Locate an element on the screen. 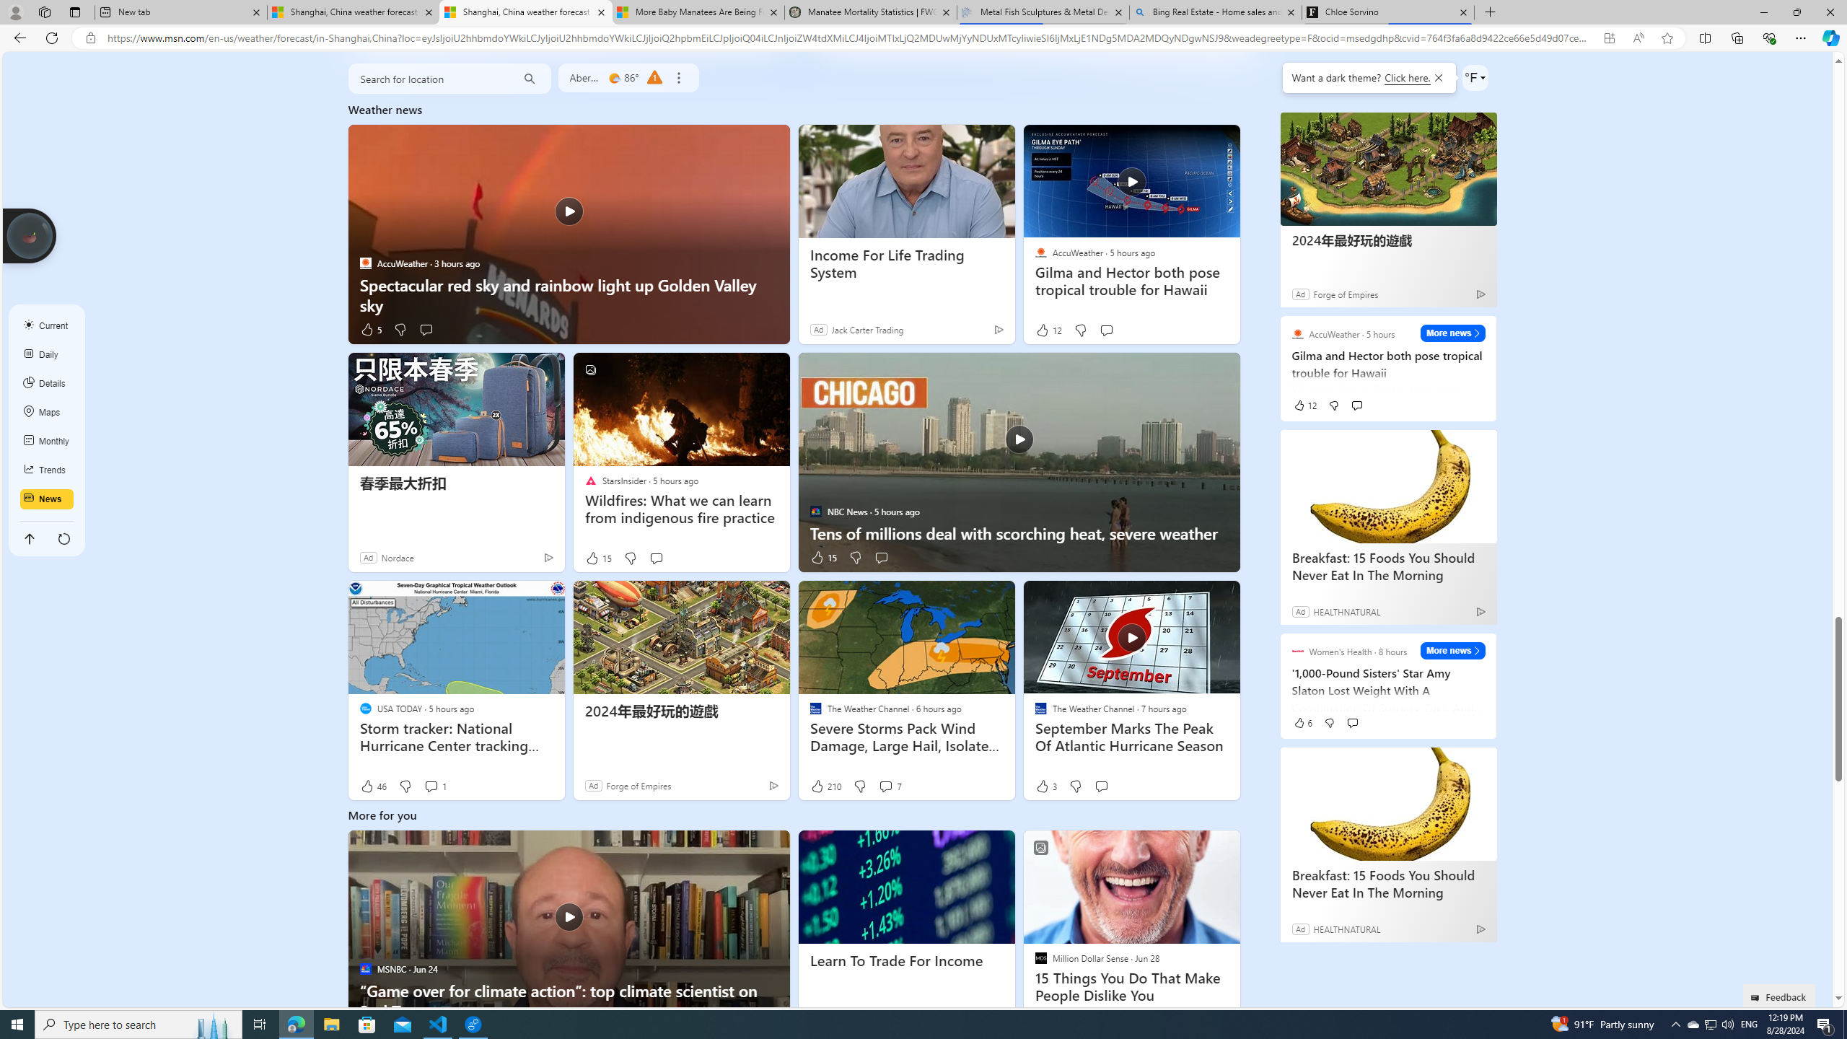  'Daily' is located at coordinates (47, 354).